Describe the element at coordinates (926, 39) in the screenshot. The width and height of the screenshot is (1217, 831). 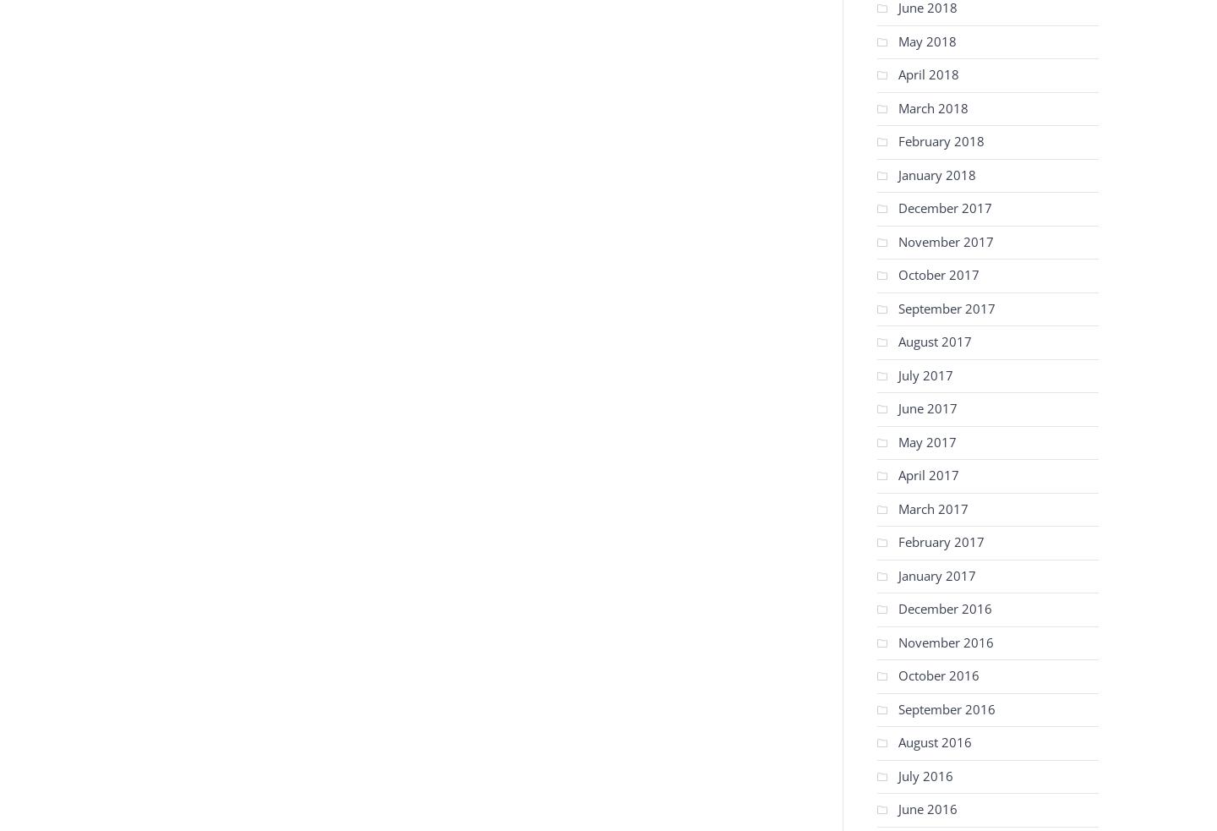
I see `'May 2018'` at that location.